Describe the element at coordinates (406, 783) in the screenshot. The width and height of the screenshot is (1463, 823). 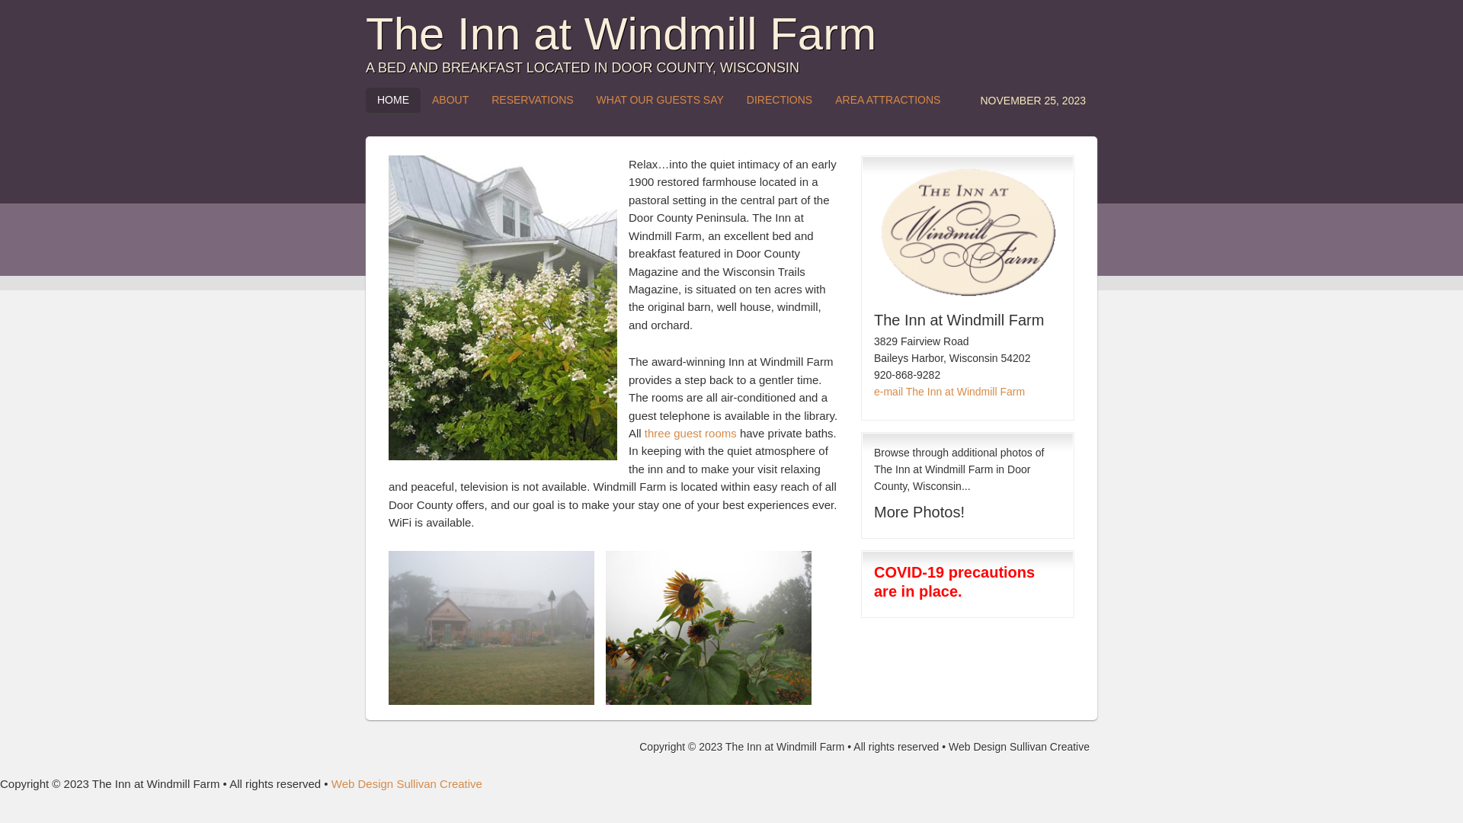
I see `'Web Design Sullivan Creative'` at that location.